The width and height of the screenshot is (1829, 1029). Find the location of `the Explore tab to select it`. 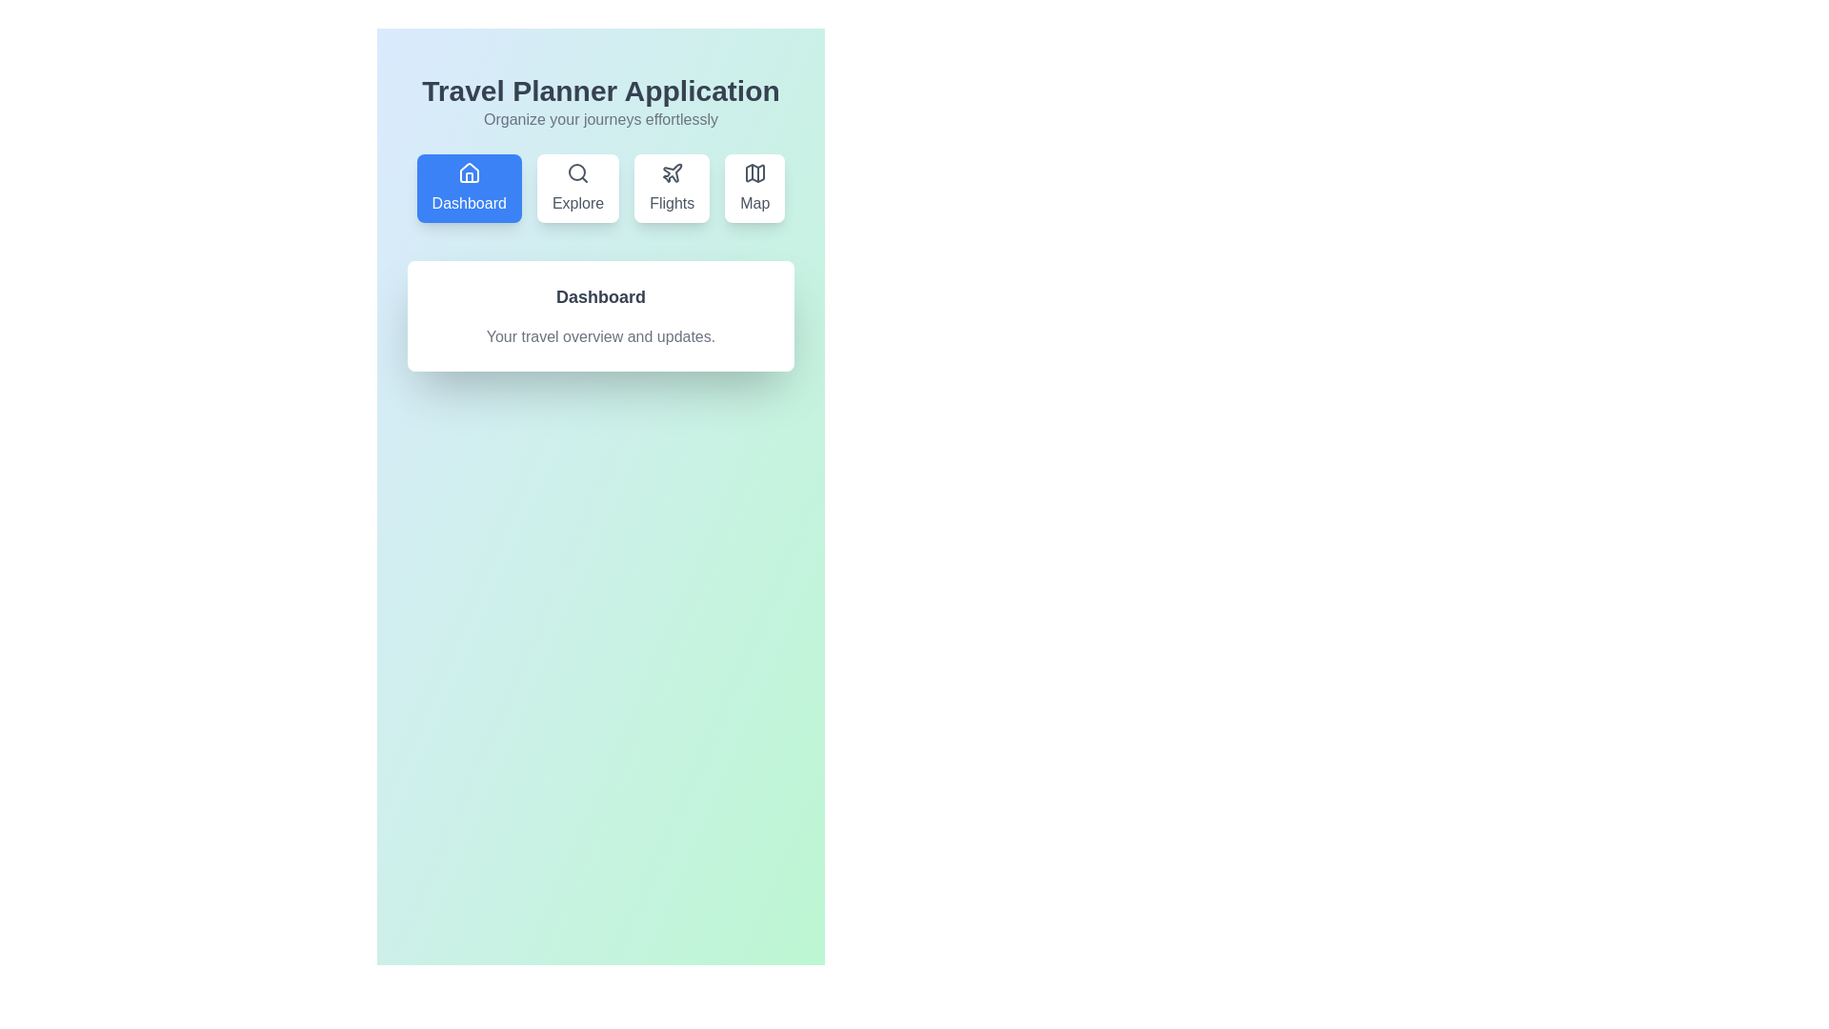

the Explore tab to select it is located at coordinates (577, 188).